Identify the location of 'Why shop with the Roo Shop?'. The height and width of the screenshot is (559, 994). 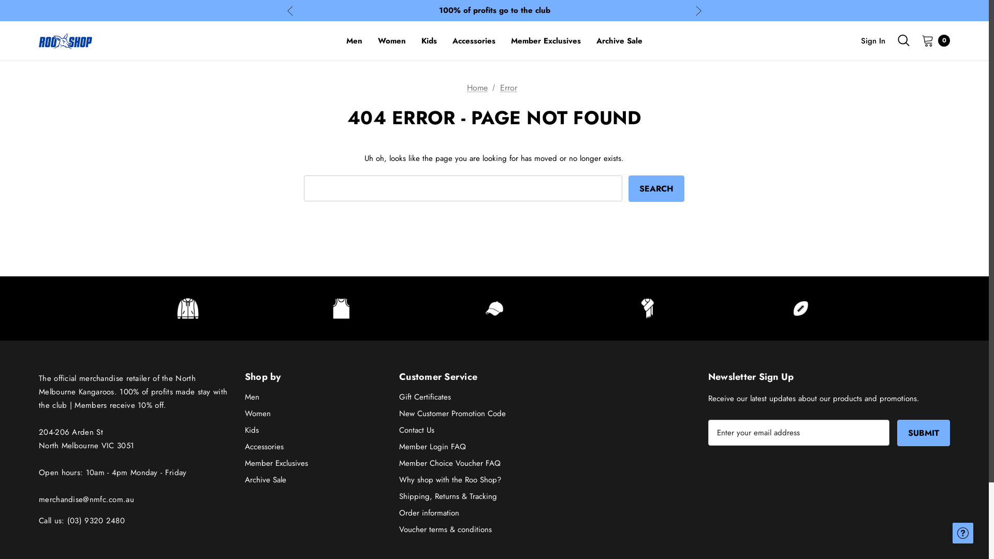
(450, 479).